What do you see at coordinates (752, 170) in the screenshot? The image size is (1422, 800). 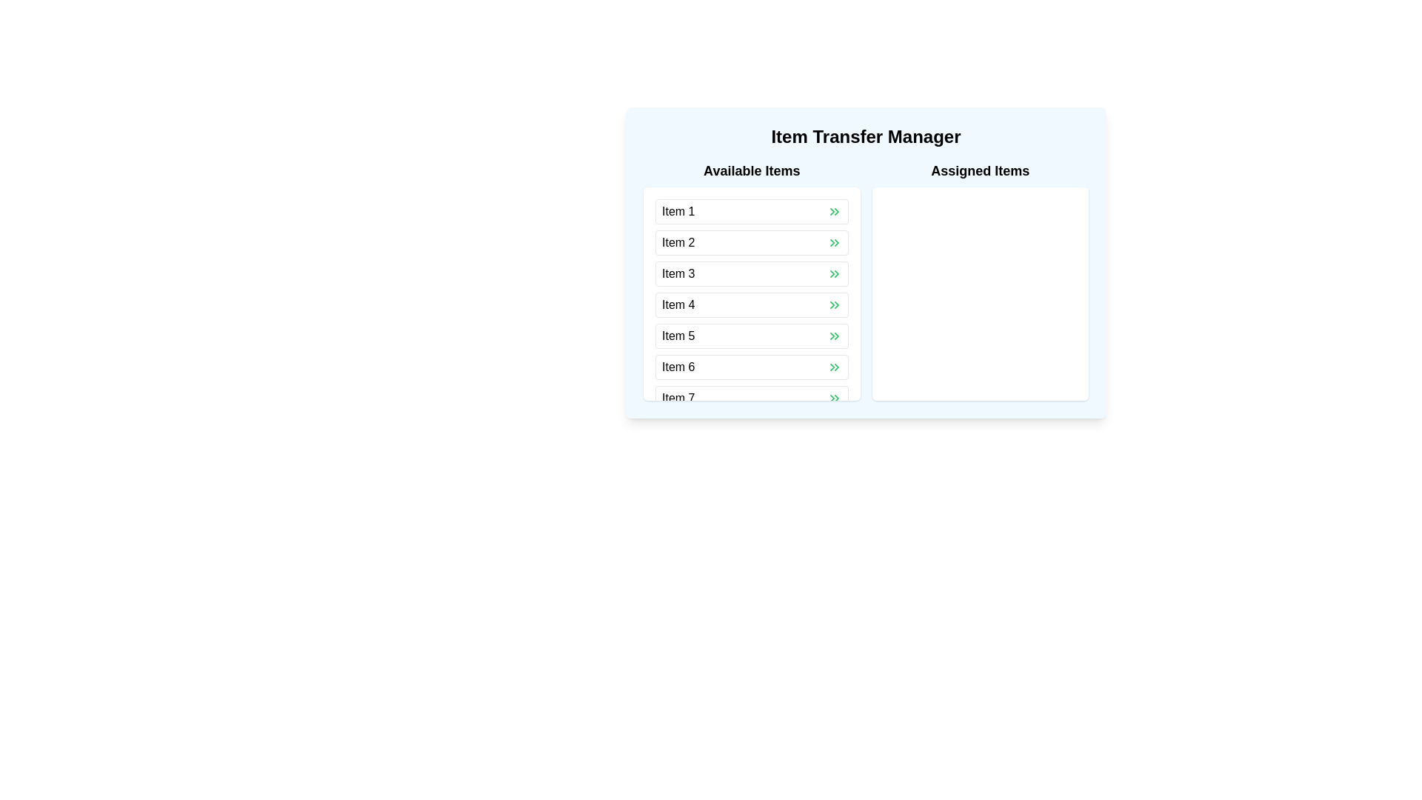 I see `the 'Available Items' text component, which is displayed in a bold font at the top-left corner of a two-column layout, directly above a list of items` at bounding box center [752, 170].